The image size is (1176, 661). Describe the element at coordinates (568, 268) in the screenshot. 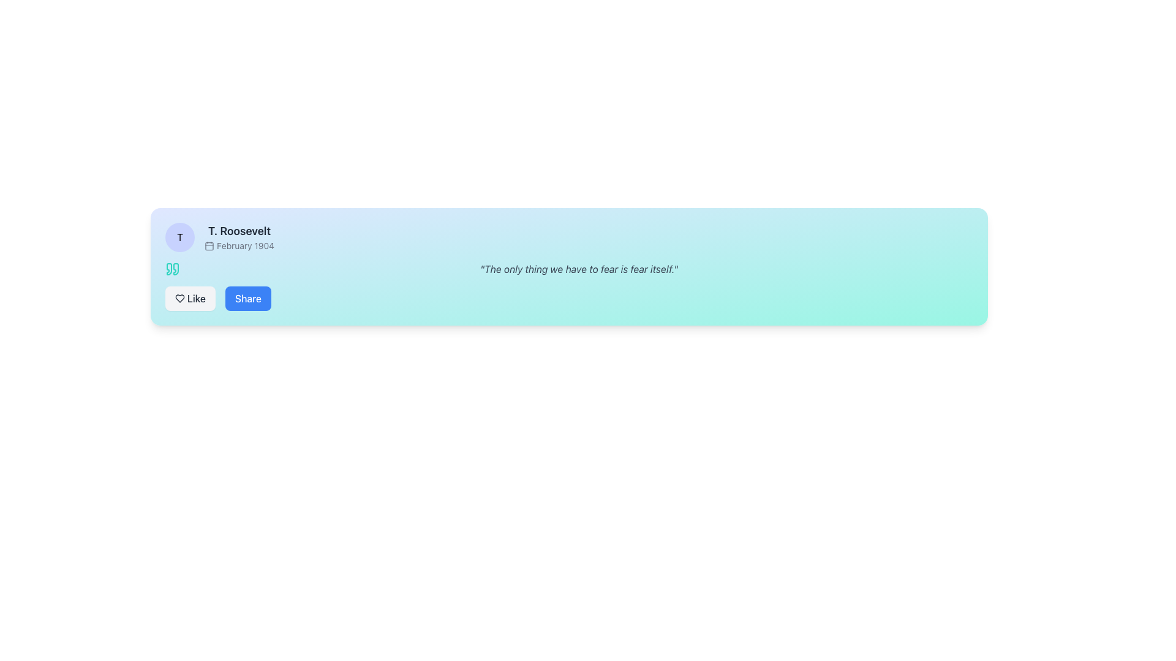

I see `the quotation text display component that presents the quote 'The only thing we have to fear is fear itself.' which is styled in italicized gray text, located below the header 'T. Roosevelt February 1904' and above the 'Like' and 'Share' buttons` at that location.